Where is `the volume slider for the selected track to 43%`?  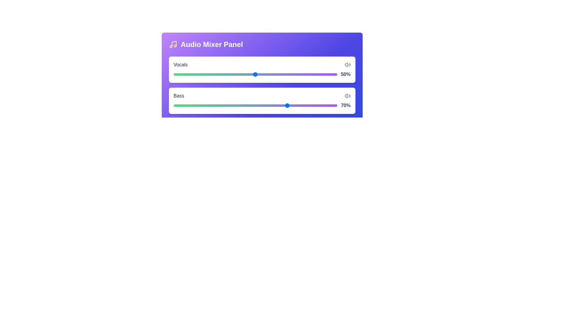
the volume slider for the selected track to 43% is located at coordinates (244, 73).